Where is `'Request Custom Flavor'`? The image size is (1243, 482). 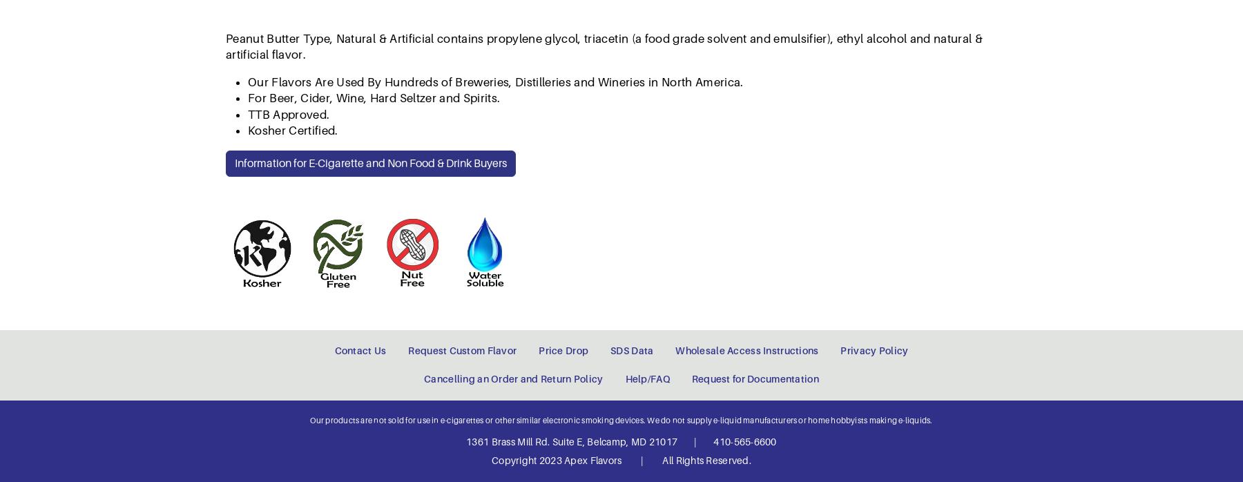
'Request Custom Flavor' is located at coordinates (462, 78).